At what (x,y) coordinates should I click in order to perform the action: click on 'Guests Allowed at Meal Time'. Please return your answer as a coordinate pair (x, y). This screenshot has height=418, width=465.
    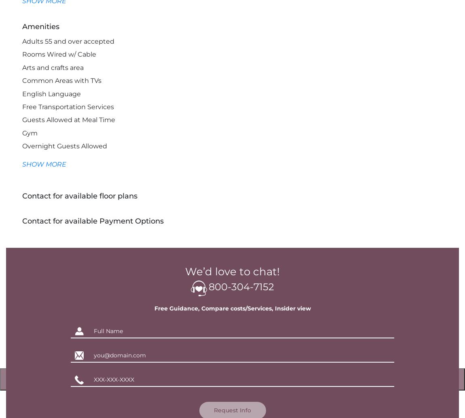
    Looking at the image, I should click on (21, 119).